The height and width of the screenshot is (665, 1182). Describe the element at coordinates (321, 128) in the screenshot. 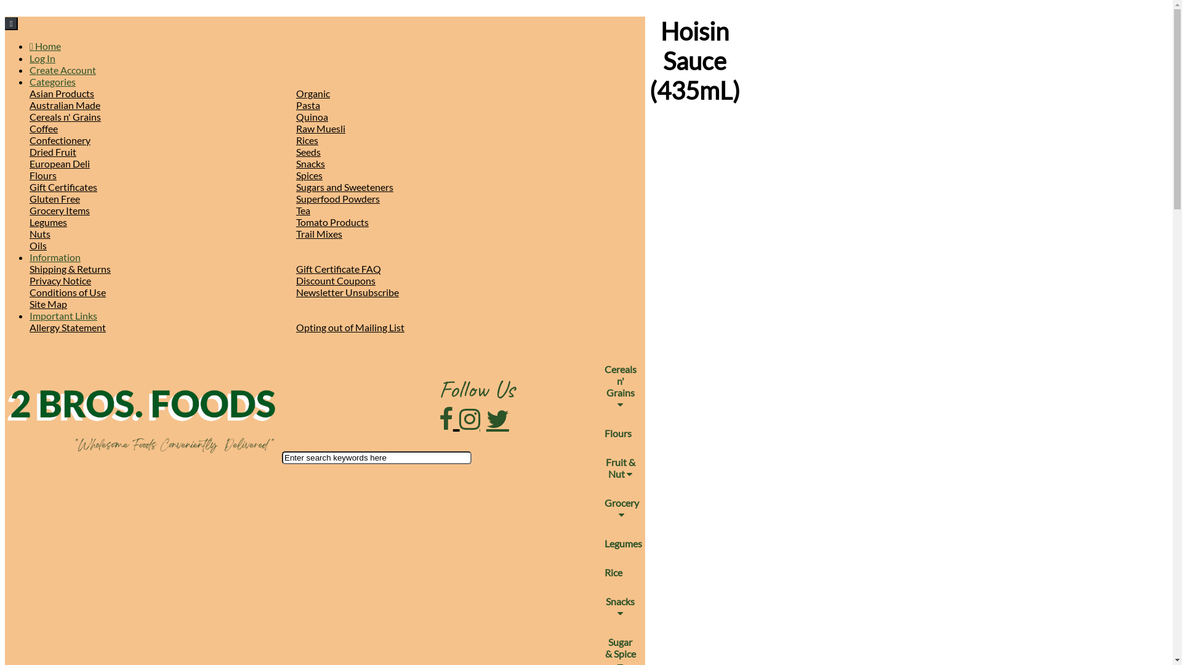

I see `'Raw Muesli'` at that location.